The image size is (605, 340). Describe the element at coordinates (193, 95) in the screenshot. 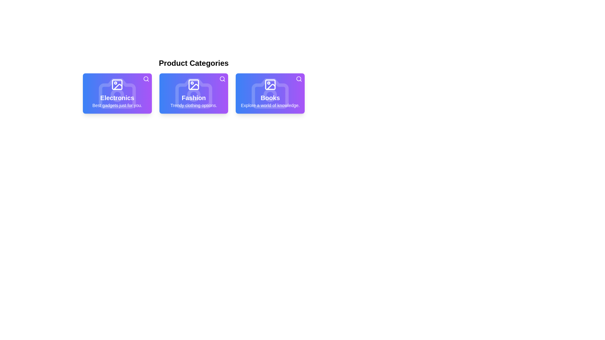

I see `the decorative circular SVG graphic element with a white stroke located at the center of the camera icon on the 'Fashion' card` at that location.